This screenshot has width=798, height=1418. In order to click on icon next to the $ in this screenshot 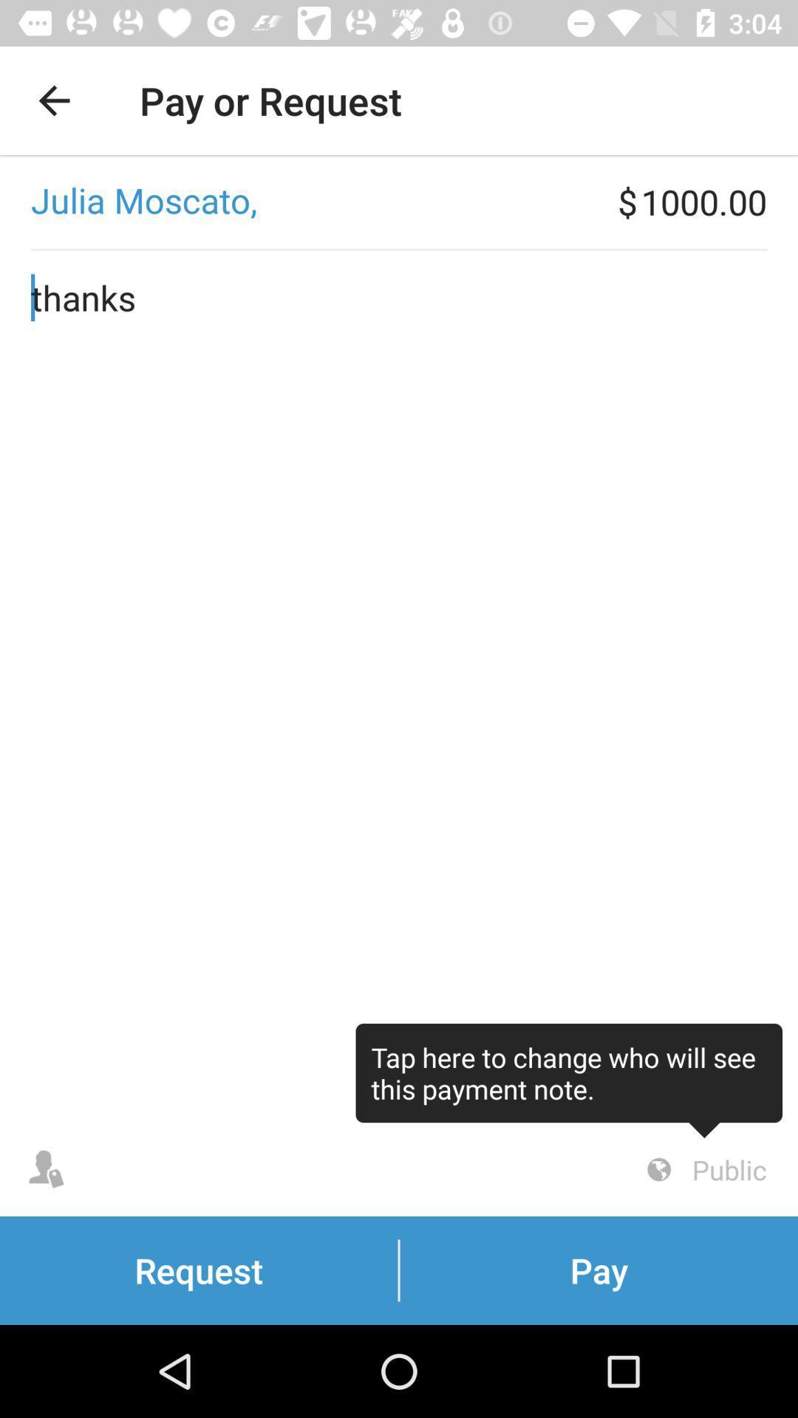, I will do `click(308, 201)`.